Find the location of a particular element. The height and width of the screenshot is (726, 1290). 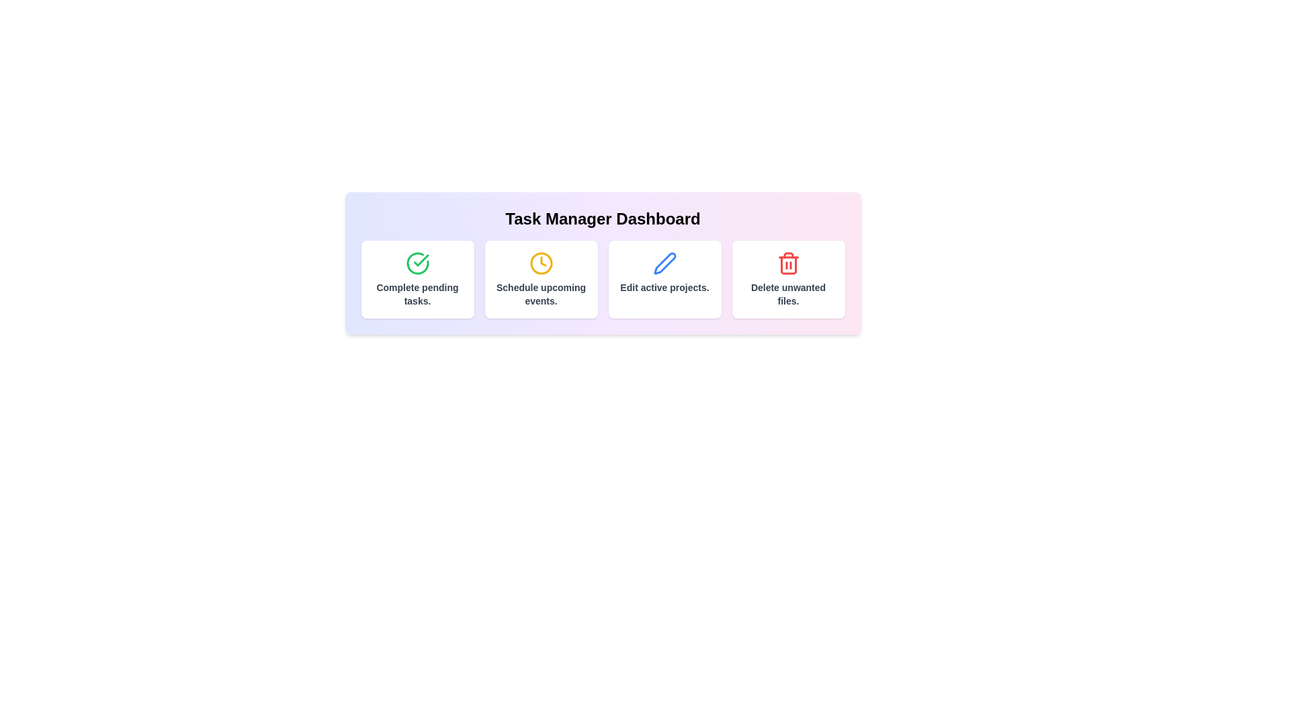

the delete button located at the bottom right corner of the grid of four cards to observe any animations or tooltips is located at coordinates (788, 279).